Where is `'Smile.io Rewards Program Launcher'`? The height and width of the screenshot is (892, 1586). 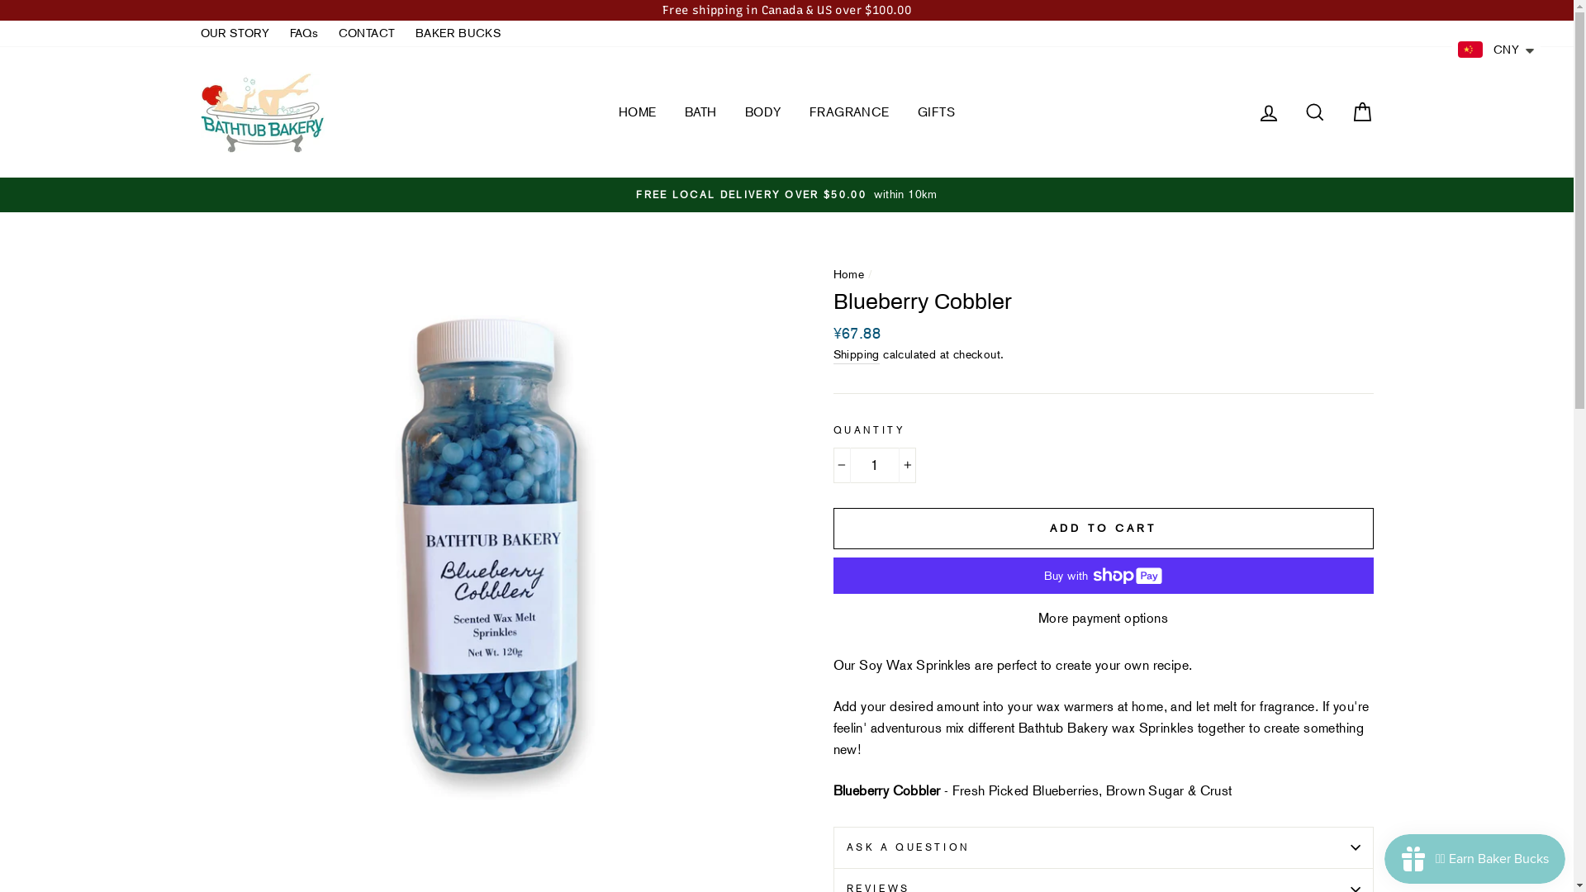 'Smile.io Rewards Program Launcher' is located at coordinates (1474, 858).